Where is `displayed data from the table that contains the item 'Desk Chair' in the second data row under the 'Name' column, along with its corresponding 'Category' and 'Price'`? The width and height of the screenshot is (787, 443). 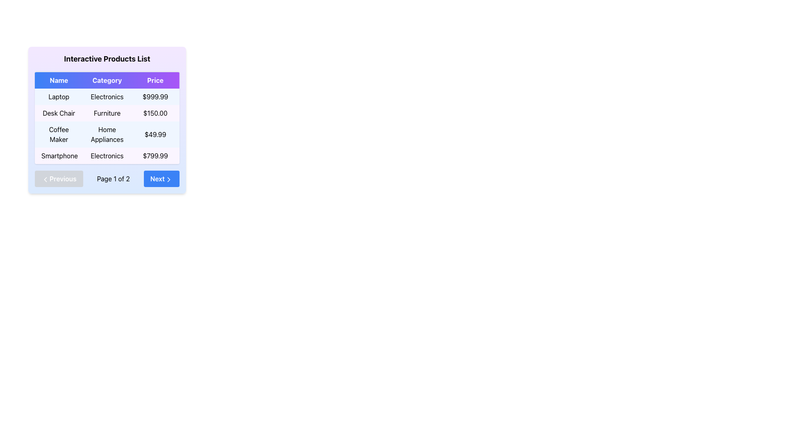
displayed data from the table that contains the item 'Desk Chair' in the second data row under the 'Name' column, along with its corresponding 'Category' and 'Price' is located at coordinates (107, 118).